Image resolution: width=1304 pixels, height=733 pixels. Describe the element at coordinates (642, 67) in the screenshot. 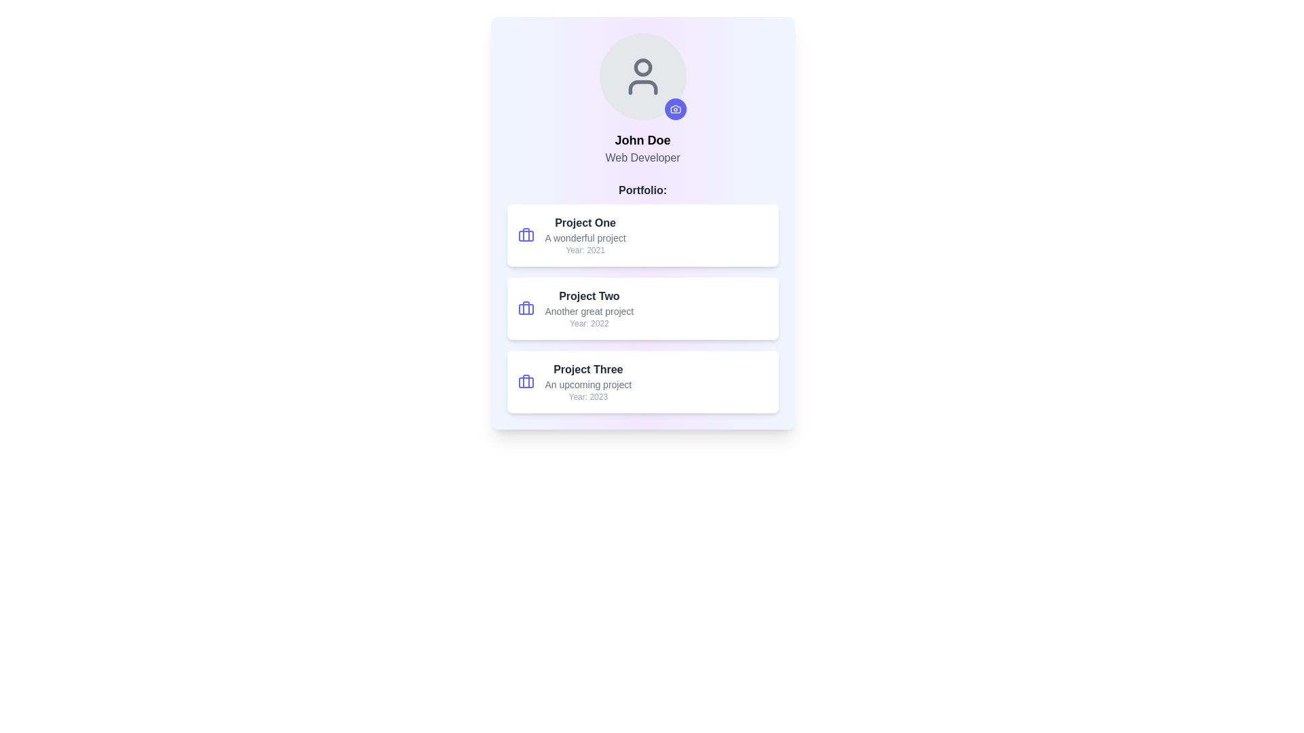

I see `the circular icon representing the head of the profile figure located at the upper section of the avatar-like icon for context menu` at that location.